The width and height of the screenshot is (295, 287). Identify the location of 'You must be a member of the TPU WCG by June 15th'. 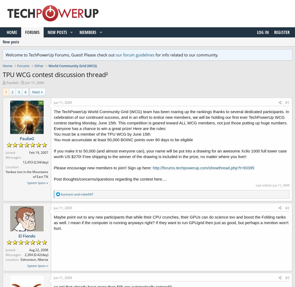
(54, 133).